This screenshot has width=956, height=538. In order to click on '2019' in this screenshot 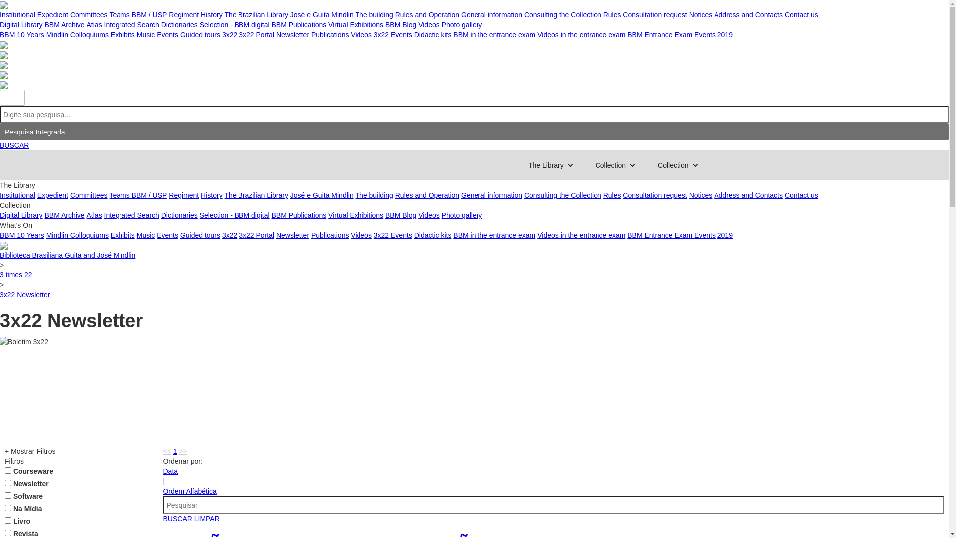, I will do `click(725, 34)`.